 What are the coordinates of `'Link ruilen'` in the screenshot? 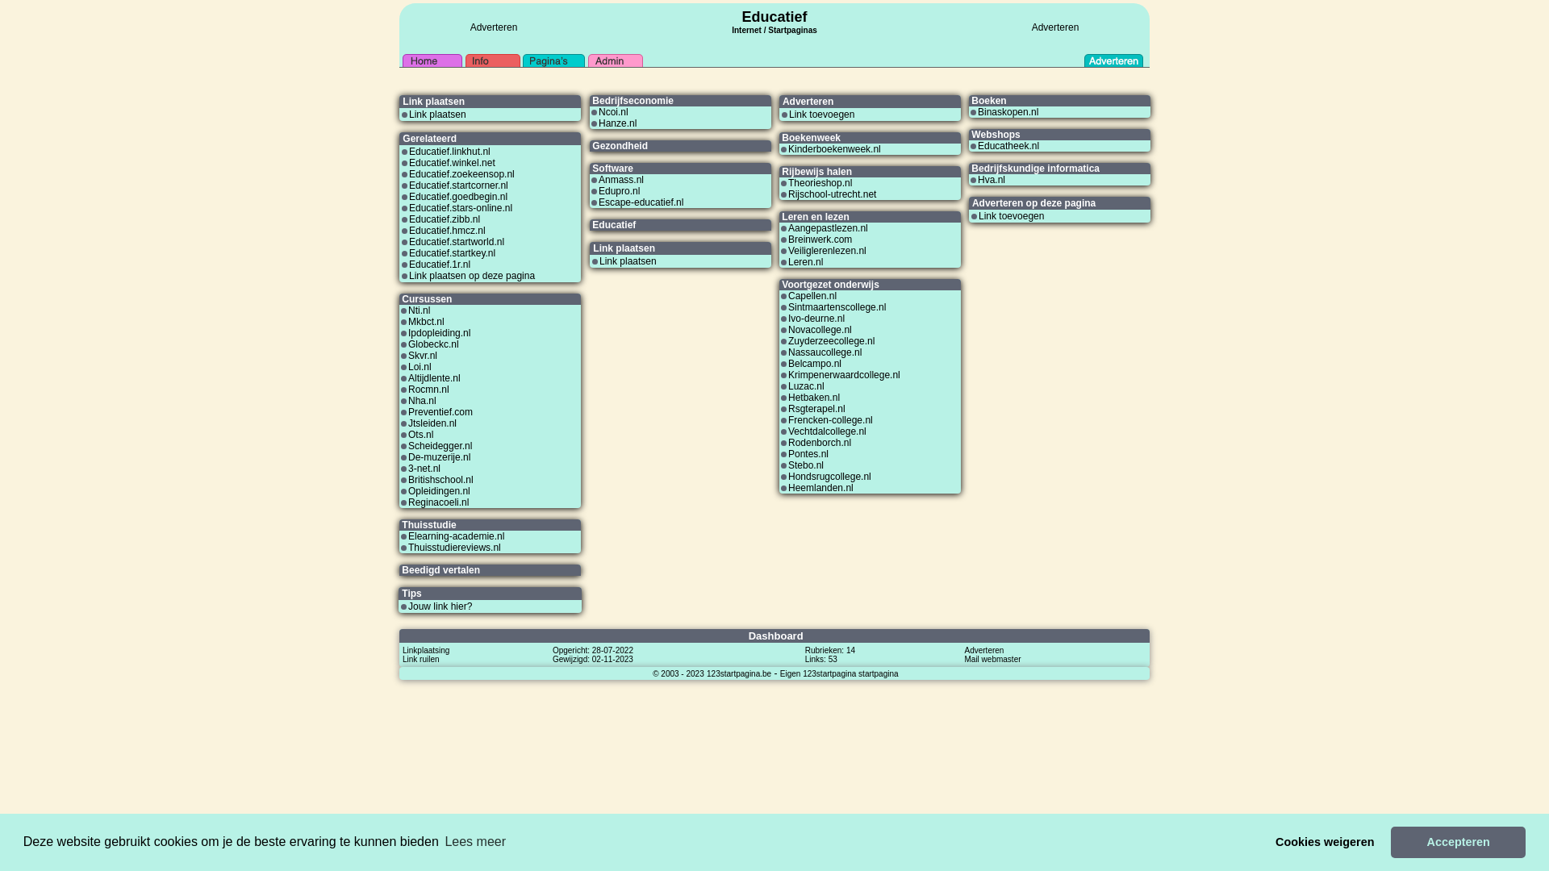 It's located at (421, 659).